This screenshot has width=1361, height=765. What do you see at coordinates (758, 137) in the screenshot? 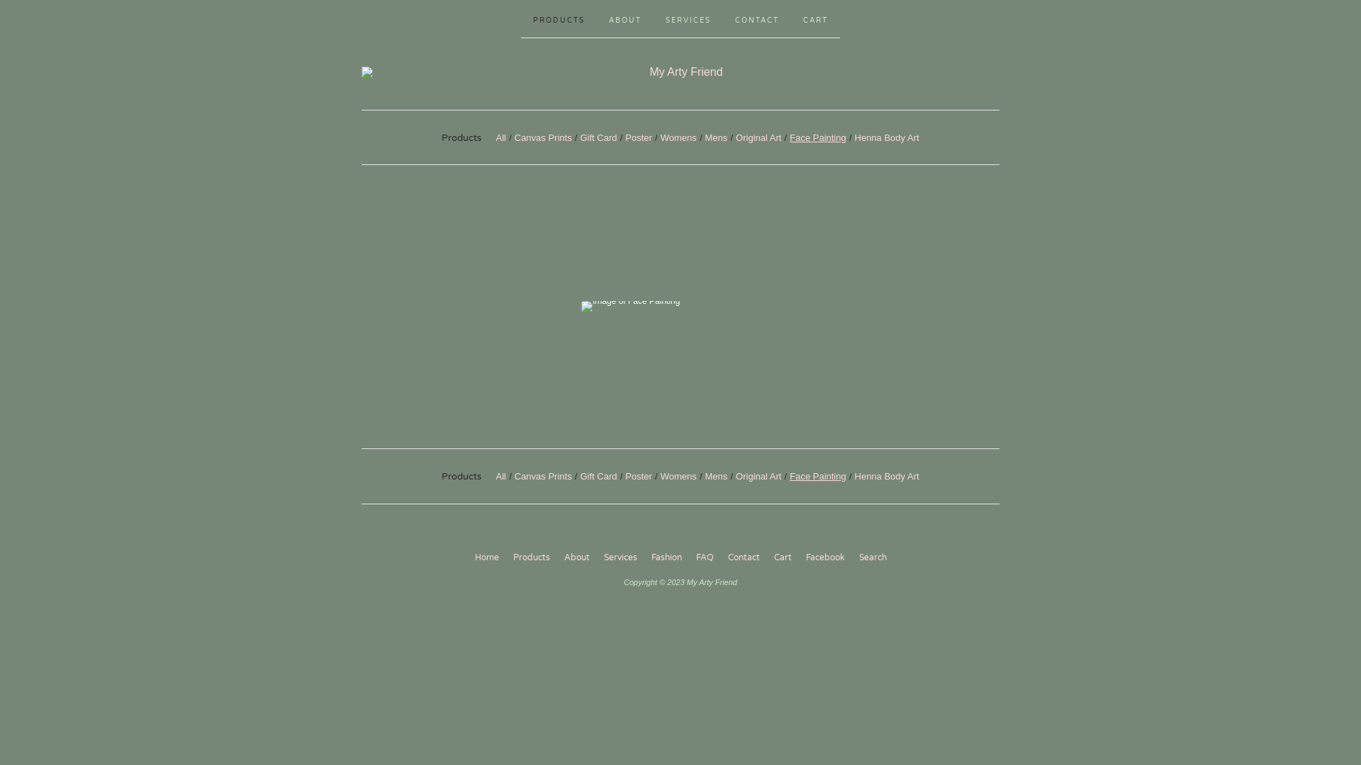
I see `'Original Art'` at bounding box center [758, 137].